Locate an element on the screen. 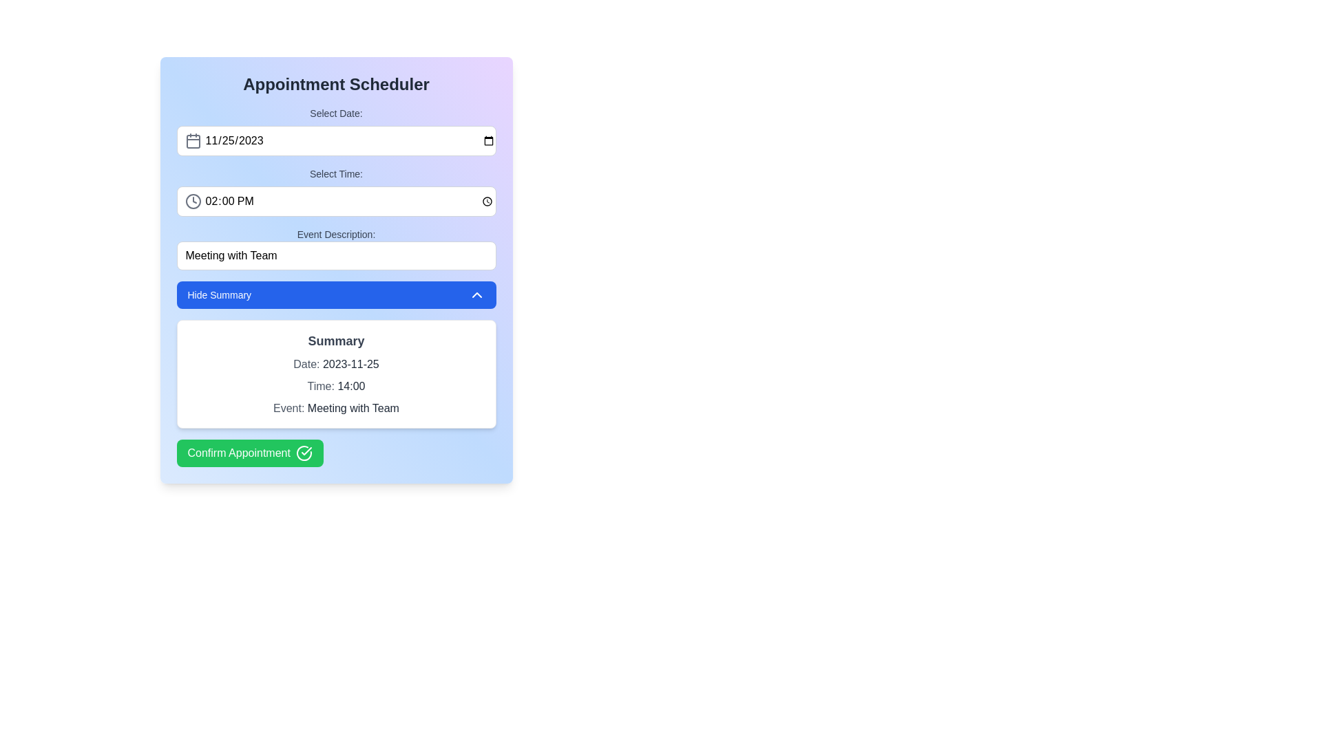  the informational Text label displaying the scheduled date of the appointment, located to the right of the 'Date:' label in the summary section of the appointment scheduler is located at coordinates (350, 363).